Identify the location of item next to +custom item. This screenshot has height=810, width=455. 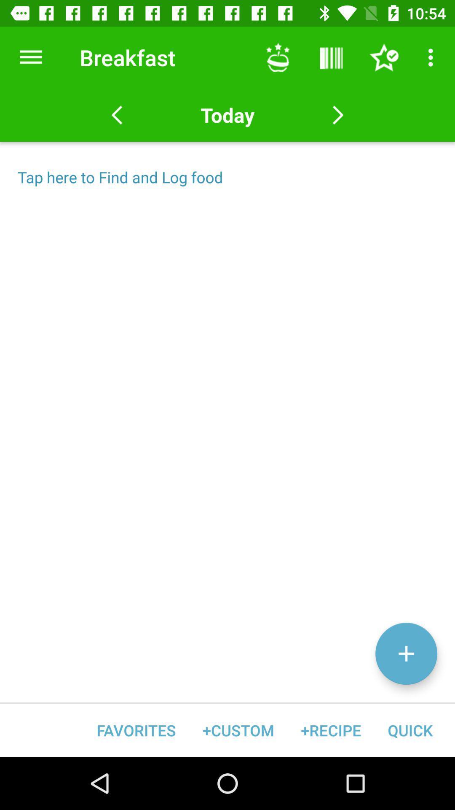
(330, 730).